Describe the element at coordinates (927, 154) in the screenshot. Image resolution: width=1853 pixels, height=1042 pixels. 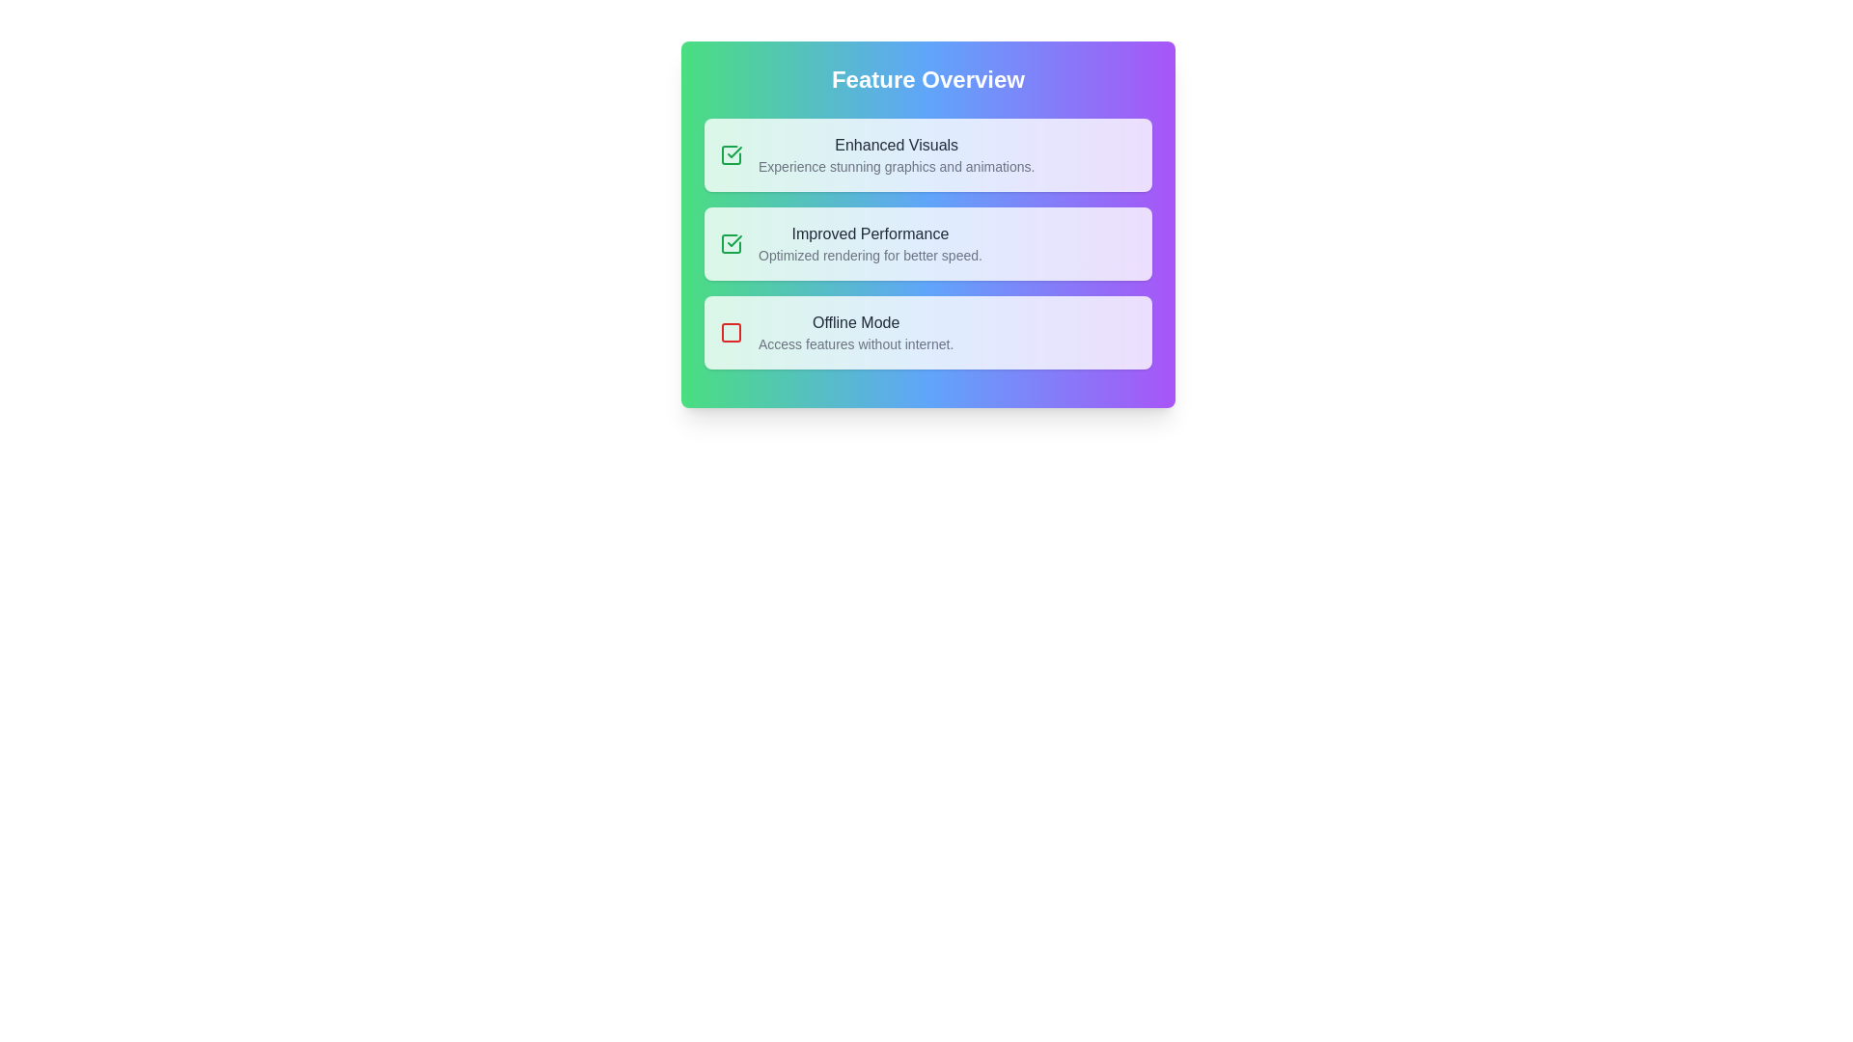
I see `the feature item titled 'Enhanced Visuals' to inspect its details` at that location.